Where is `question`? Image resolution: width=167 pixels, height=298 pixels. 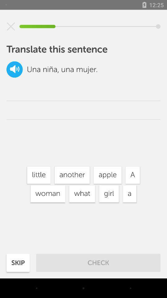 question is located at coordinates (11, 26).